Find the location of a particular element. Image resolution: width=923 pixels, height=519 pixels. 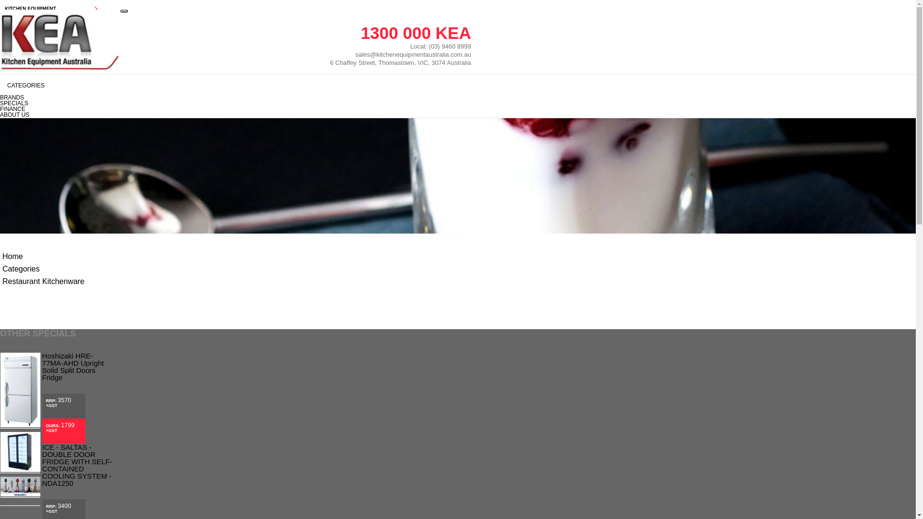

'FOOD SERVICE AND UTILITY TROLLEYS' is located at coordinates (52, 287).